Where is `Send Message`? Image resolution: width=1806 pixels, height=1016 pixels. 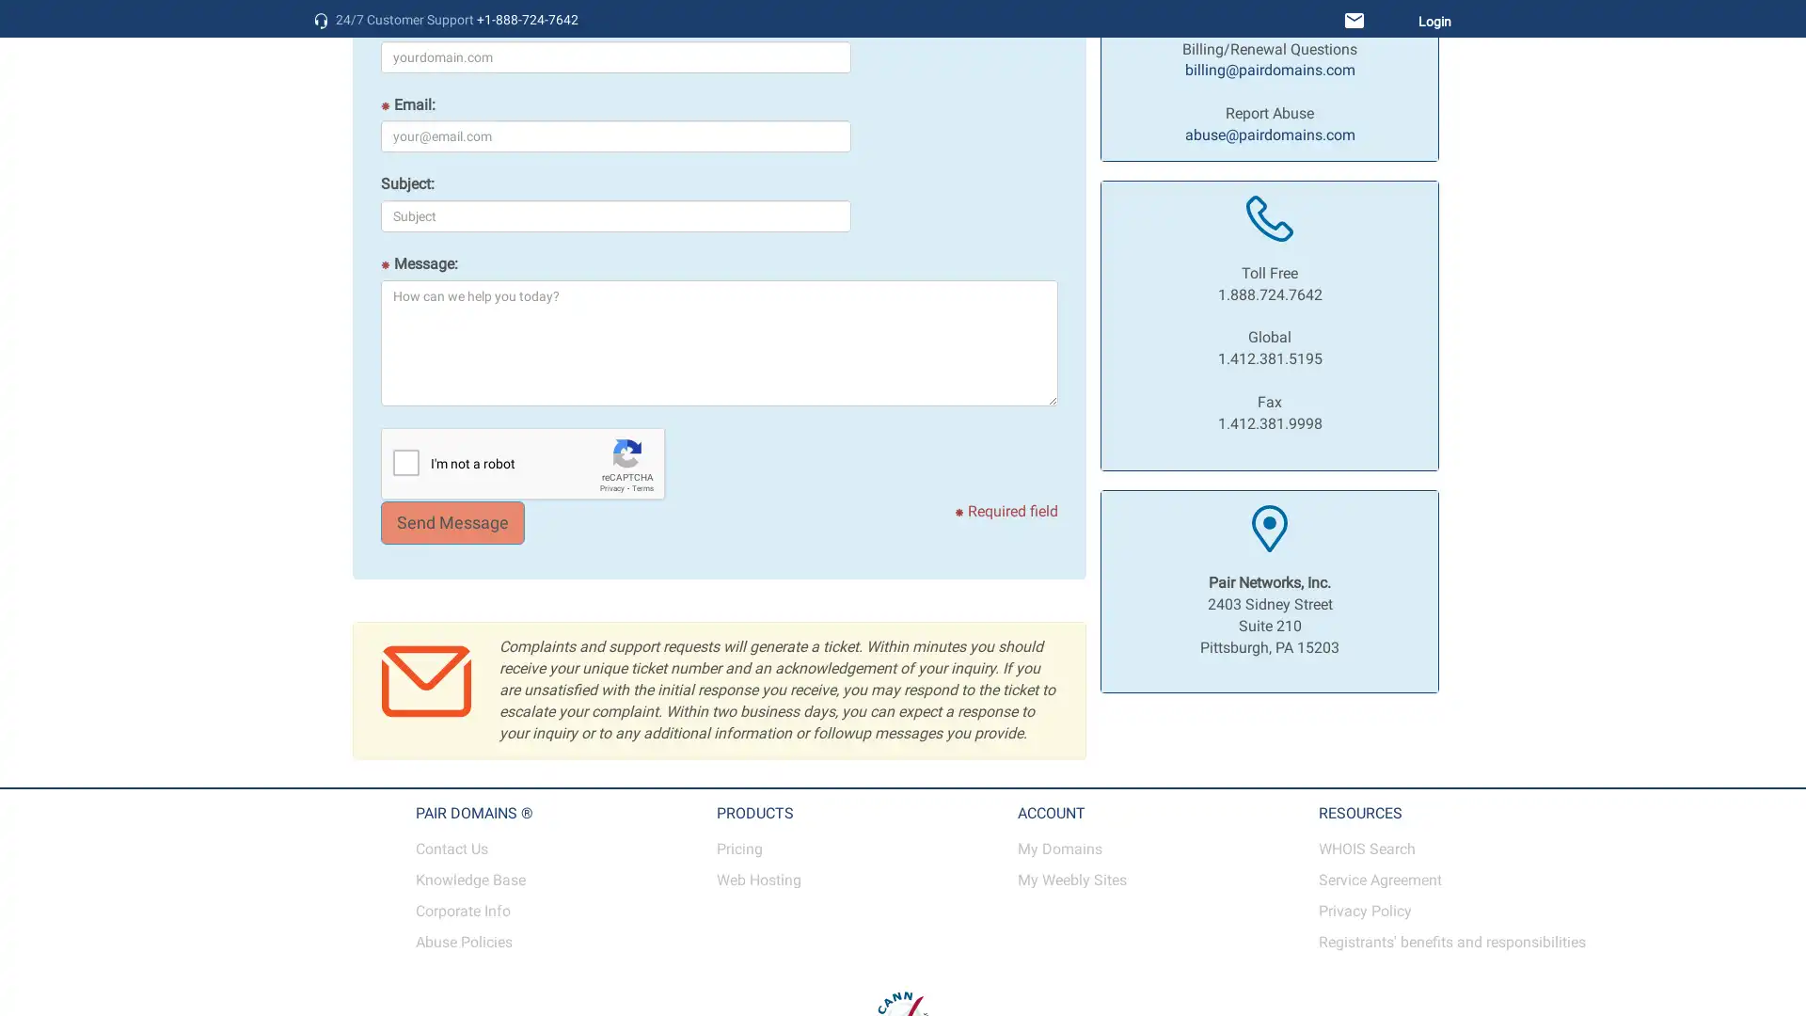 Send Message is located at coordinates (452, 522).